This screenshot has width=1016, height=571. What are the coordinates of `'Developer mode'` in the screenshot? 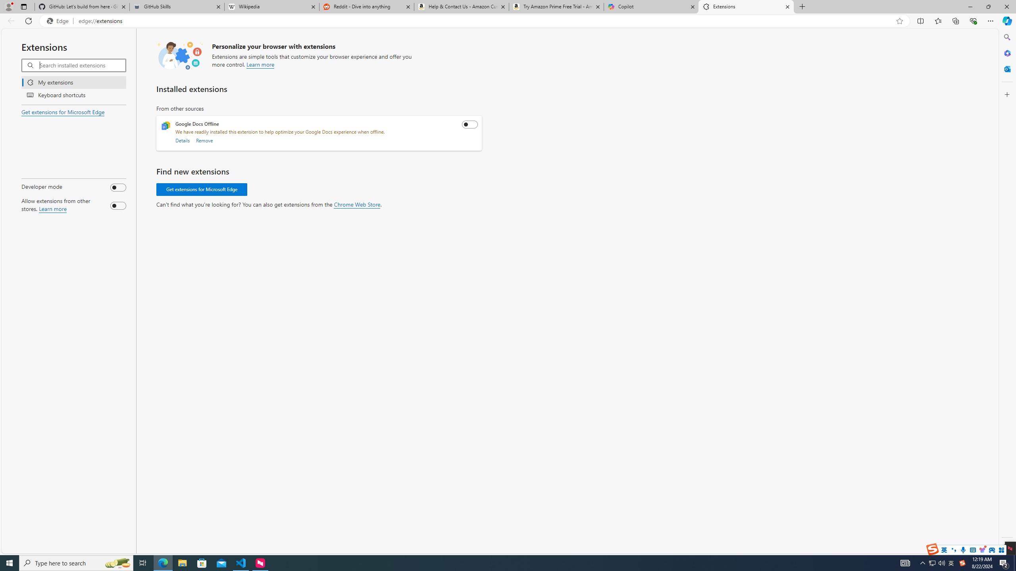 It's located at (118, 187).